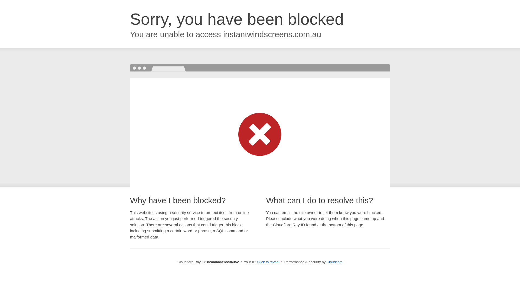  What do you see at coordinates (268, 262) in the screenshot?
I see `'Click to reveal'` at bounding box center [268, 262].